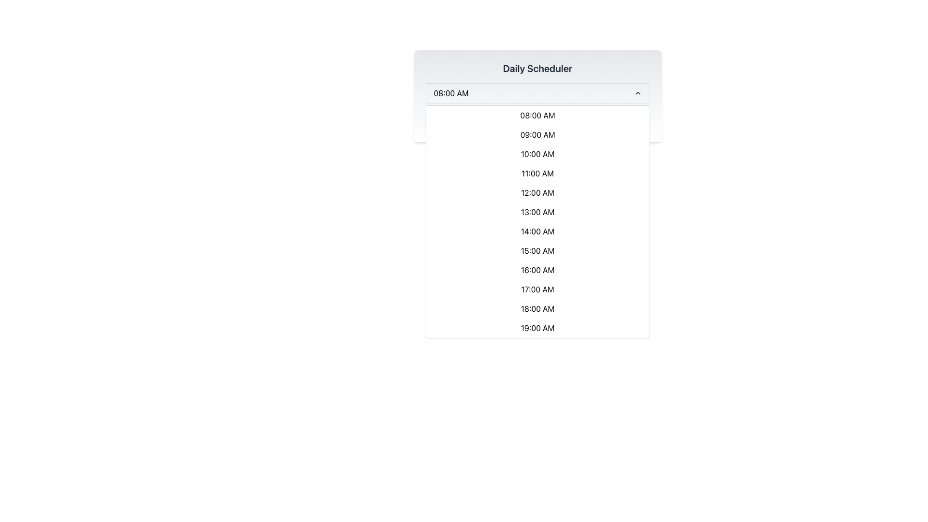 This screenshot has height=522, width=928. I want to click on the time slot labeled '11:00 AM' in the dropdown menu under 'Daily Scheduler', so click(537, 173).